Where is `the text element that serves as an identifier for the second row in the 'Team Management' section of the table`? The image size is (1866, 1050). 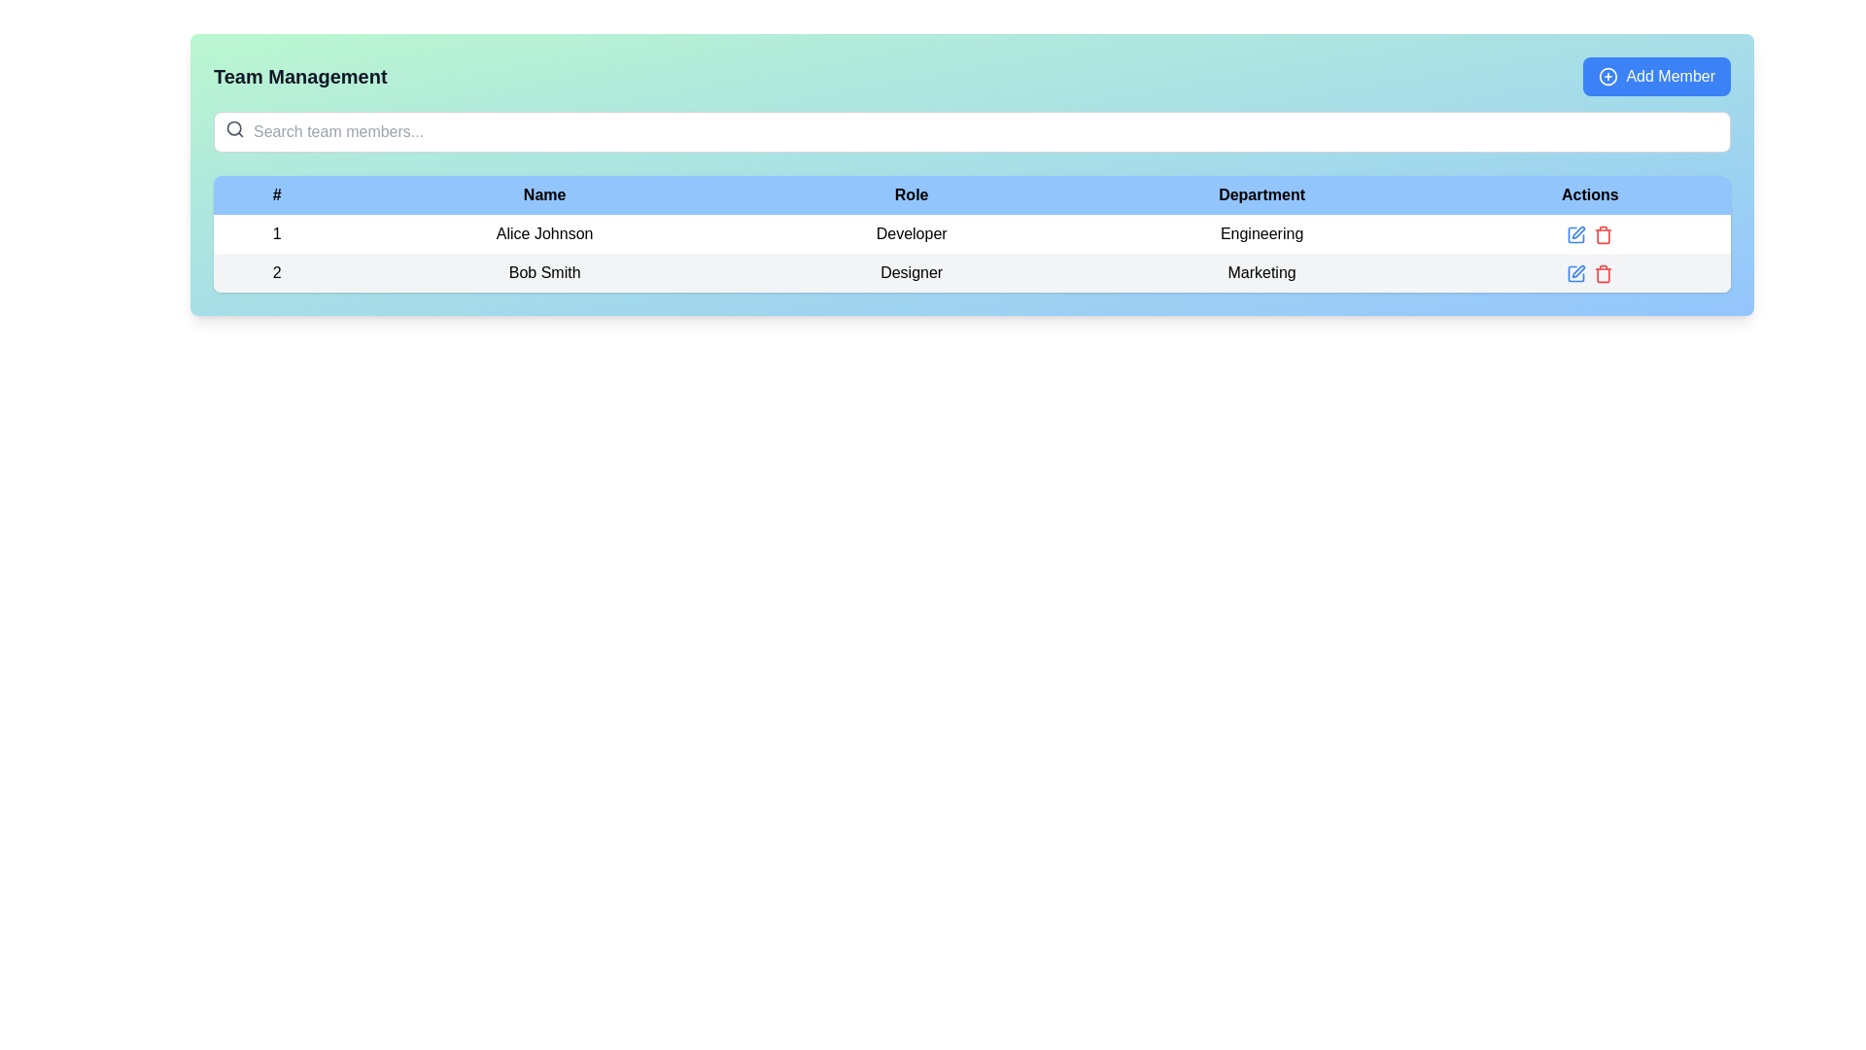
the text element that serves as an identifier for the second row in the 'Team Management' section of the table is located at coordinates (276, 273).